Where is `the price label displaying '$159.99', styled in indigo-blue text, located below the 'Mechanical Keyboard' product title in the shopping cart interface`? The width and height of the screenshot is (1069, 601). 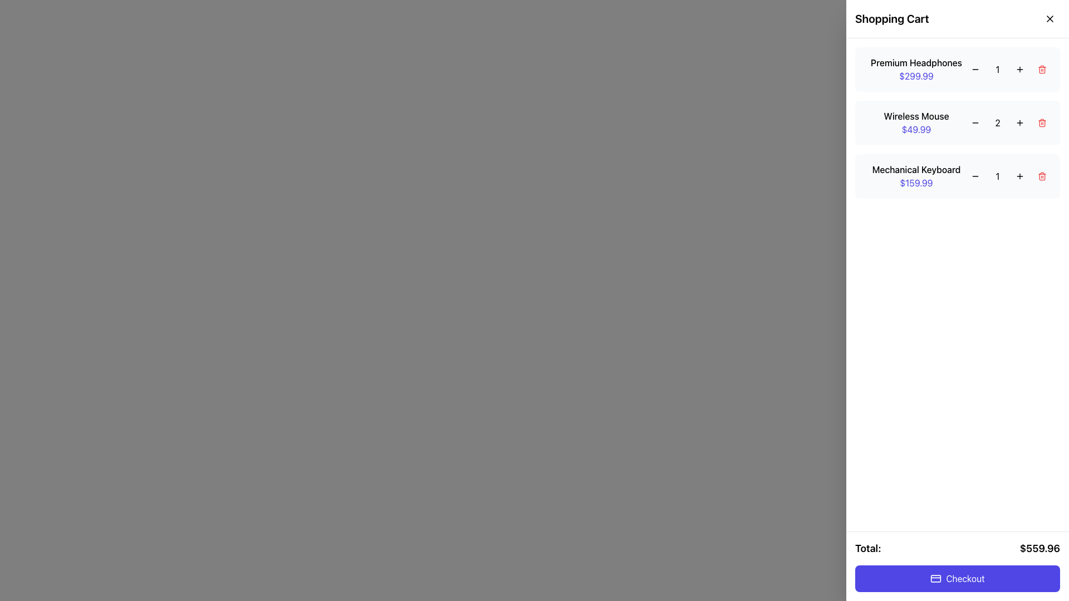 the price label displaying '$159.99', styled in indigo-blue text, located below the 'Mechanical Keyboard' product title in the shopping cart interface is located at coordinates (916, 182).